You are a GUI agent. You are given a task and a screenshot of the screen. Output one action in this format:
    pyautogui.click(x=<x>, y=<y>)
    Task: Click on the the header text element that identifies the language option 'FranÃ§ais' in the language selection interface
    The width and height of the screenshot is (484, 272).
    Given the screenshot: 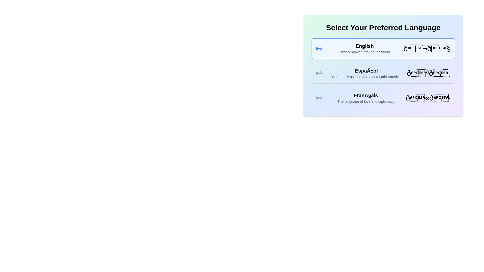 What is the action you would take?
    pyautogui.click(x=366, y=95)
    